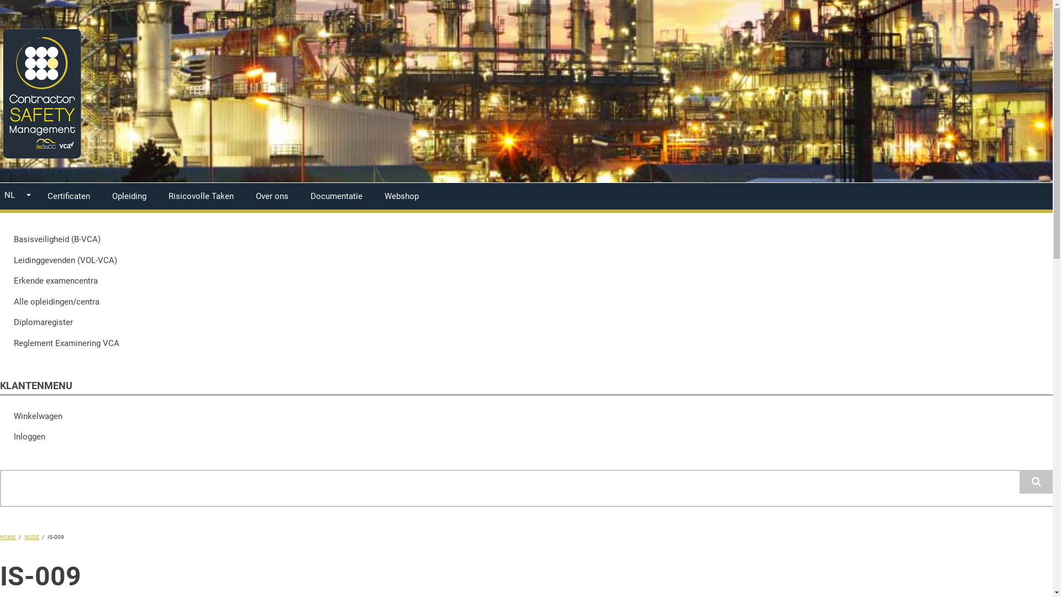 Image resolution: width=1061 pixels, height=597 pixels. What do you see at coordinates (336, 195) in the screenshot?
I see `'Documentatie'` at bounding box center [336, 195].